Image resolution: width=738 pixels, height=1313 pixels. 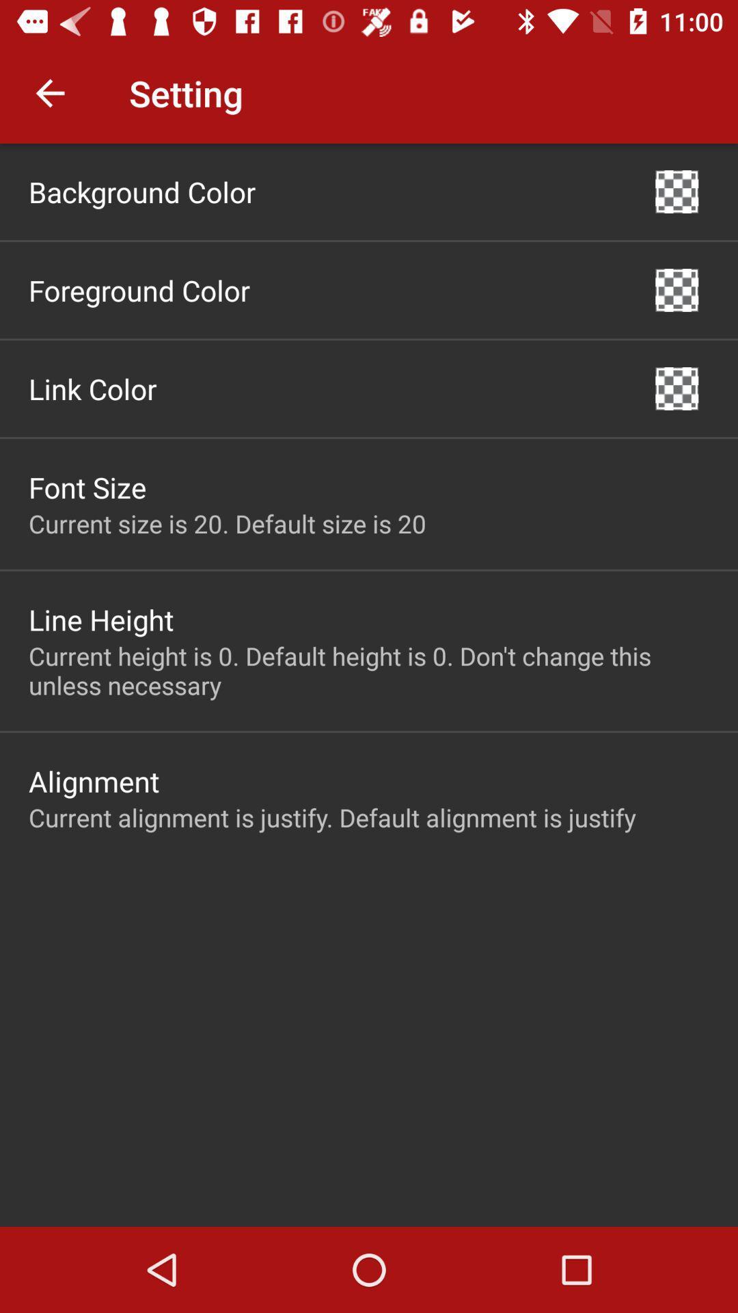 I want to click on the icon next to foreground color icon, so click(x=676, y=289).